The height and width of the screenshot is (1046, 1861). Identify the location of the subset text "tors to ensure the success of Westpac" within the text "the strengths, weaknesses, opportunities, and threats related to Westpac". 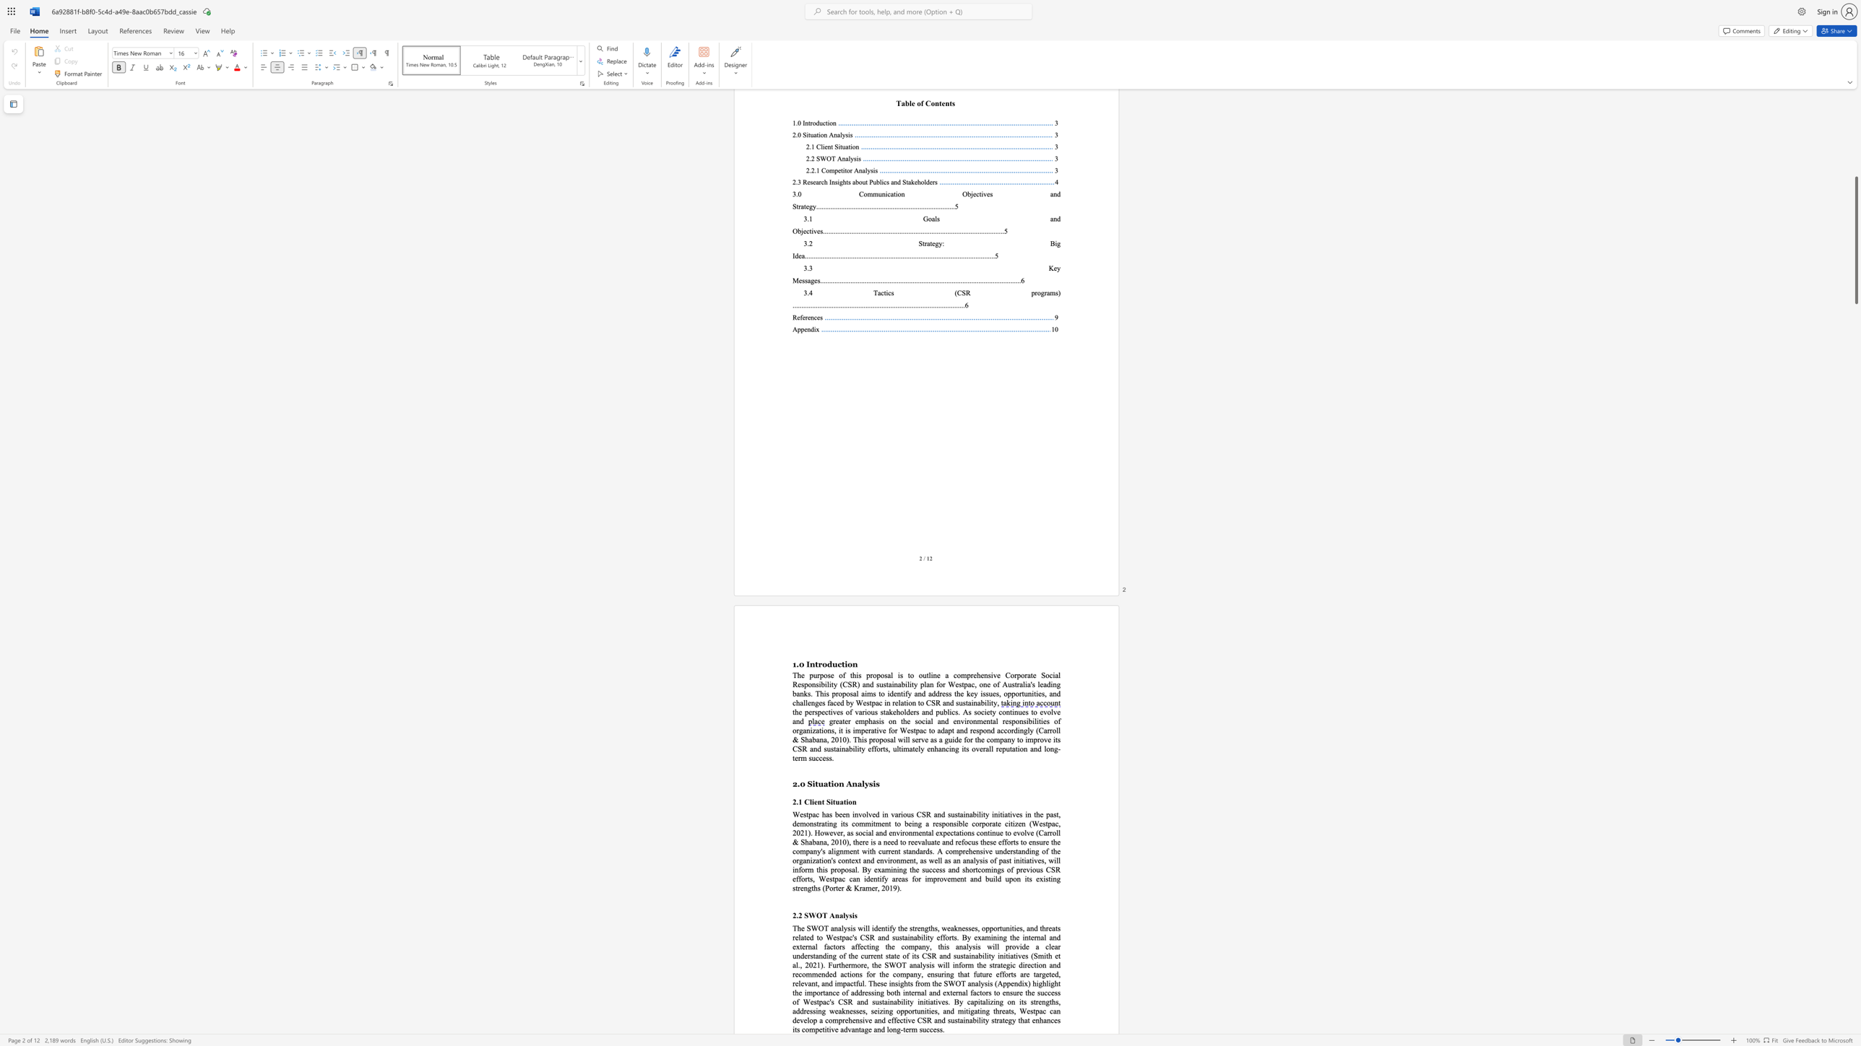
(978, 992).